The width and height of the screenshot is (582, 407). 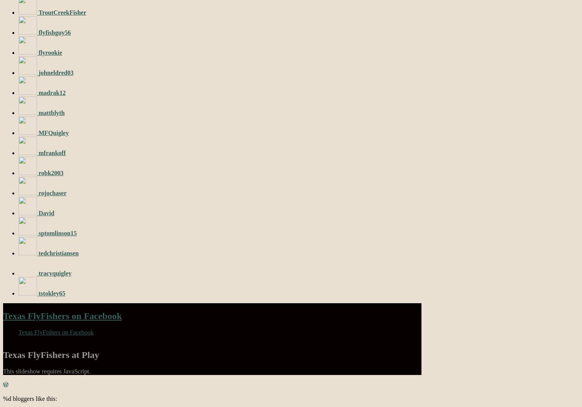 What do you see at coordinates (59, 253) in the screenshot?
I see `'tedchristiansen'` at bounding box center [59, 253].